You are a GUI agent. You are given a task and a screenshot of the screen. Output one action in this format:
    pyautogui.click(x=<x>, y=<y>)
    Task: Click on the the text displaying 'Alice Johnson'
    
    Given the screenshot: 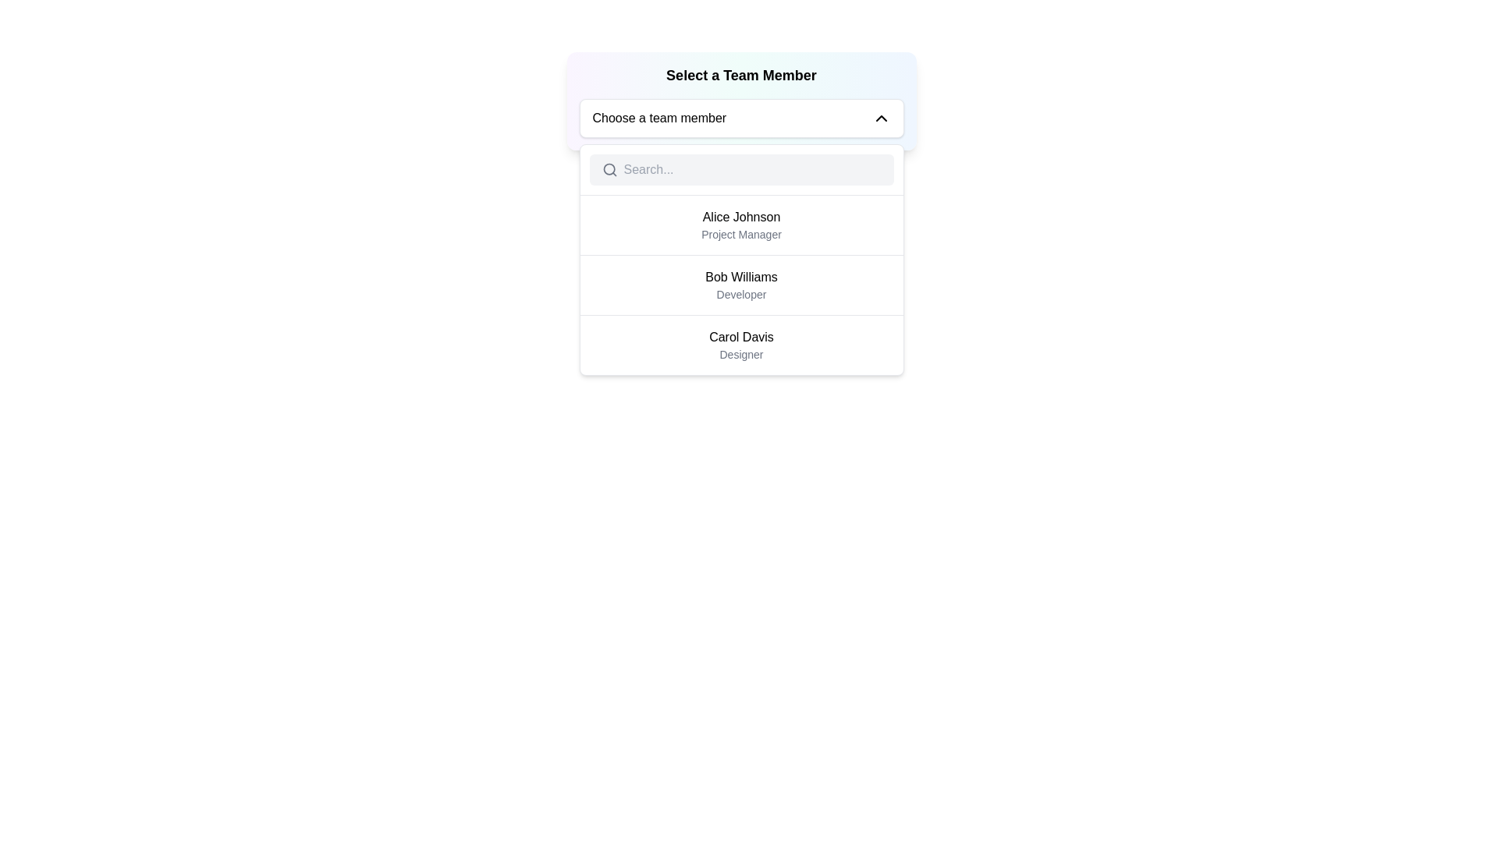 What is the action you would take?
    pyautogui.click(x=740, y=217)
    